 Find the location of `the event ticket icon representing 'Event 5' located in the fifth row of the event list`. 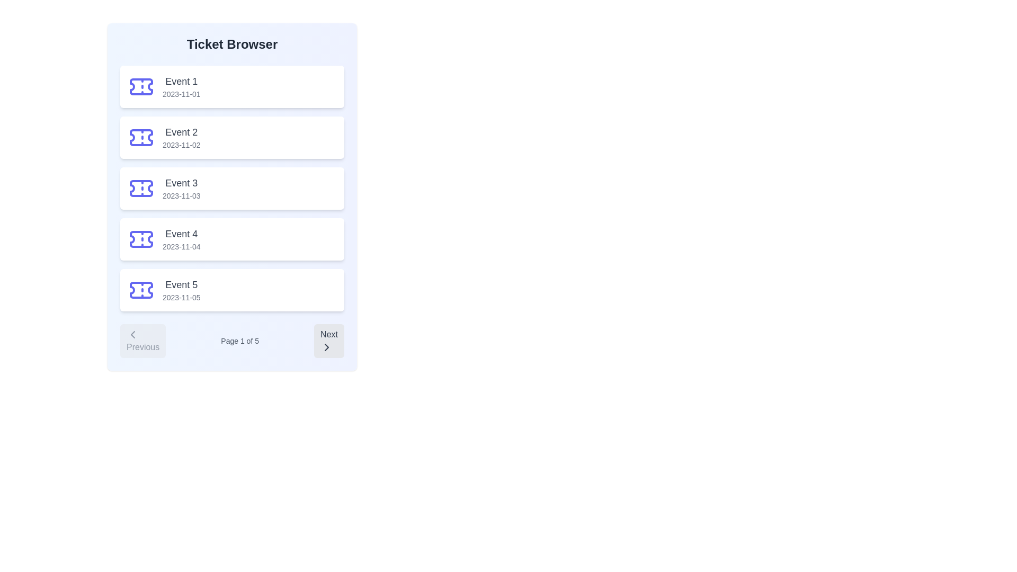

the event ticket icon representing 'Event 5' located in the fifth row of the event list is located at coordinates (141, 290).